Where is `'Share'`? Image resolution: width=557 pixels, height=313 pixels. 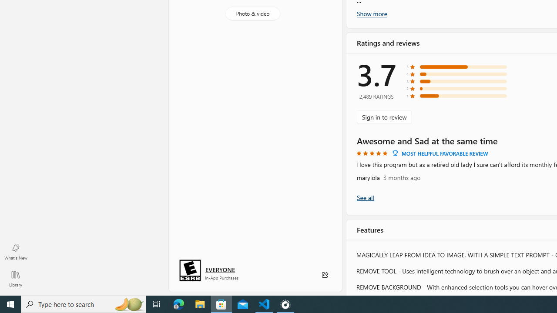
'Share' is located at coordinates (324, 275).